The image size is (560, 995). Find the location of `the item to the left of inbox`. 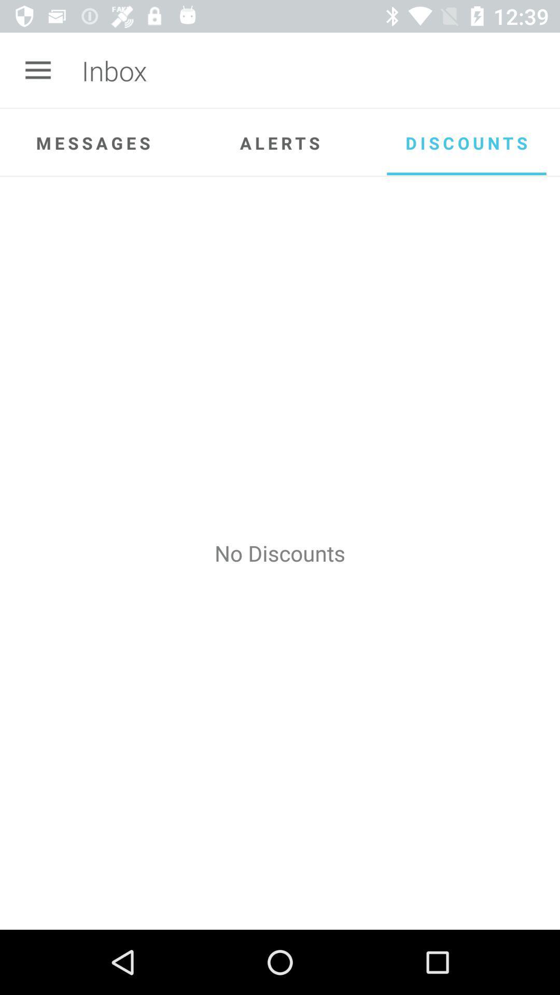

the item to the left of inbox is located at coordinates (37, 70).